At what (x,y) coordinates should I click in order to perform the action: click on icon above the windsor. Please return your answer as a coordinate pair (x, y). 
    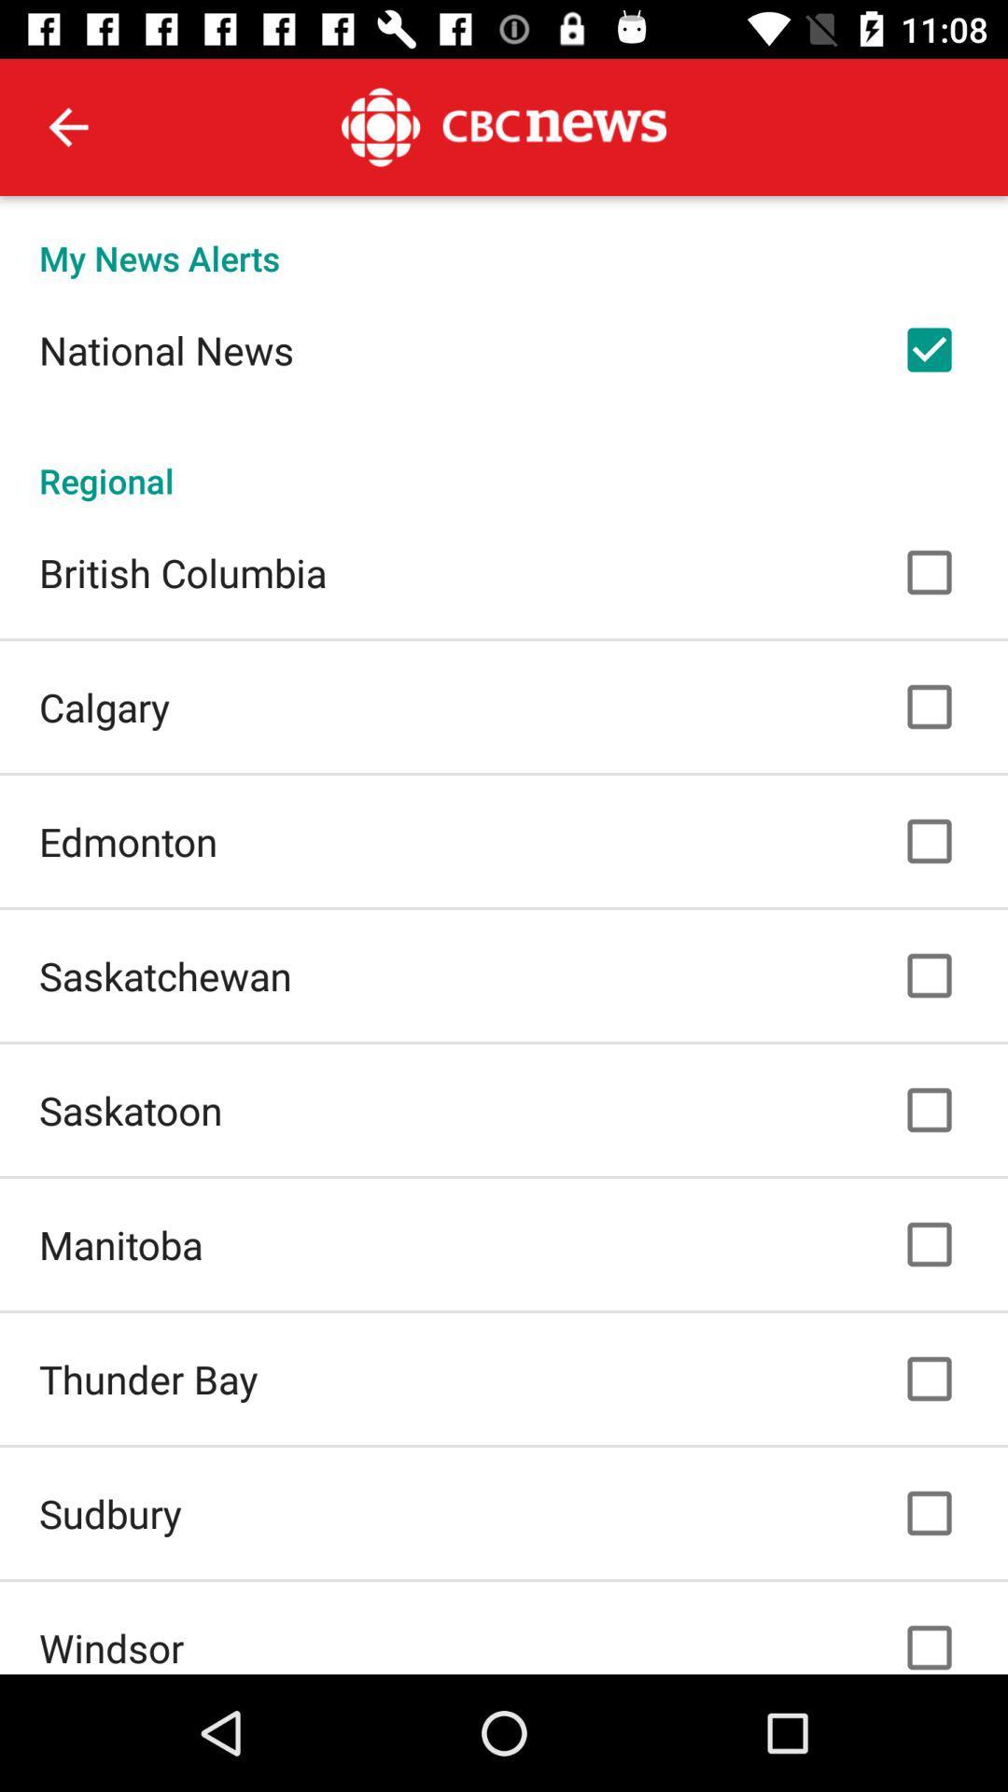
    Looking at the image, I should click on (110, 1513).